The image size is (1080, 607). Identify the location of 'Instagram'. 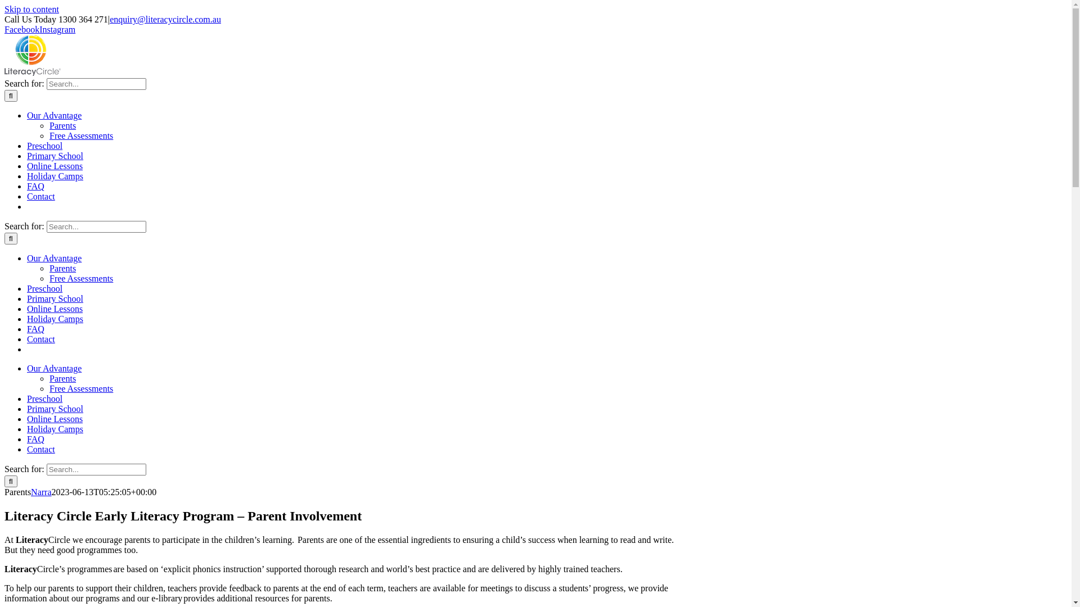
(39, 29).